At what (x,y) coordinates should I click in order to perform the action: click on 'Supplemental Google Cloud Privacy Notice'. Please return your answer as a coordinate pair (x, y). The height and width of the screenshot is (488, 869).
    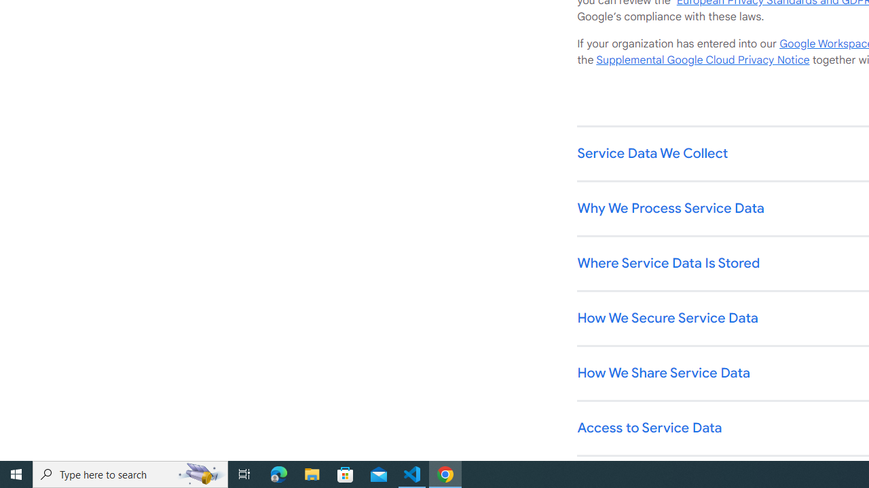
    Looking at the image, I should click on (703, 60).